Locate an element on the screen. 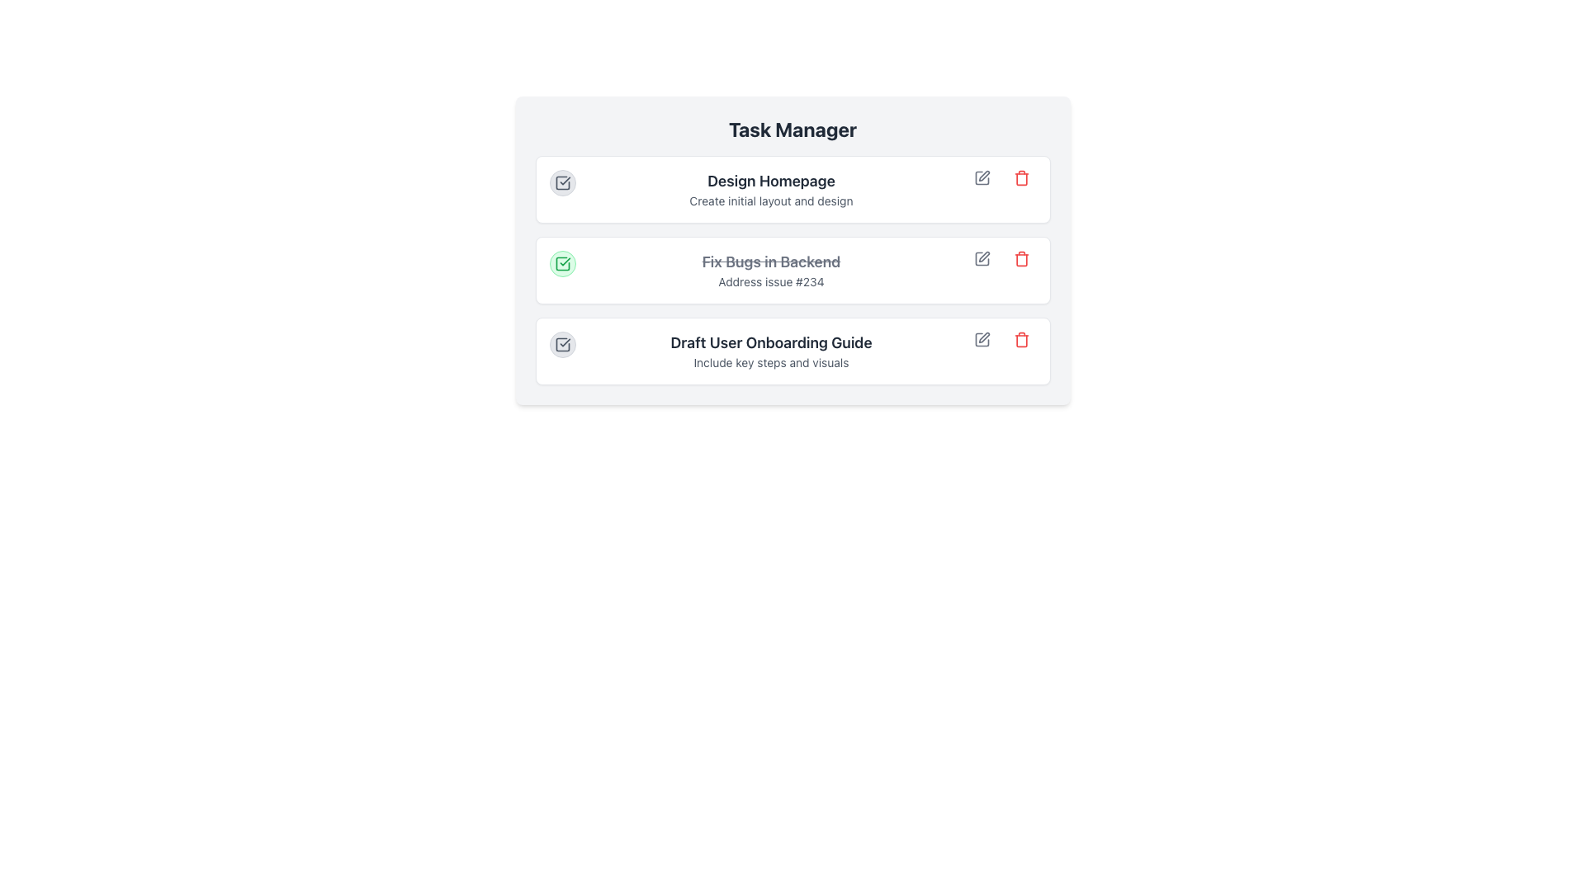 The height and width of the screenshot is (891, 1585). the green checkbox on the second task card titled 'Fix Bugs in Backend' to mark the task as complete is located at coordinates (792, 269).